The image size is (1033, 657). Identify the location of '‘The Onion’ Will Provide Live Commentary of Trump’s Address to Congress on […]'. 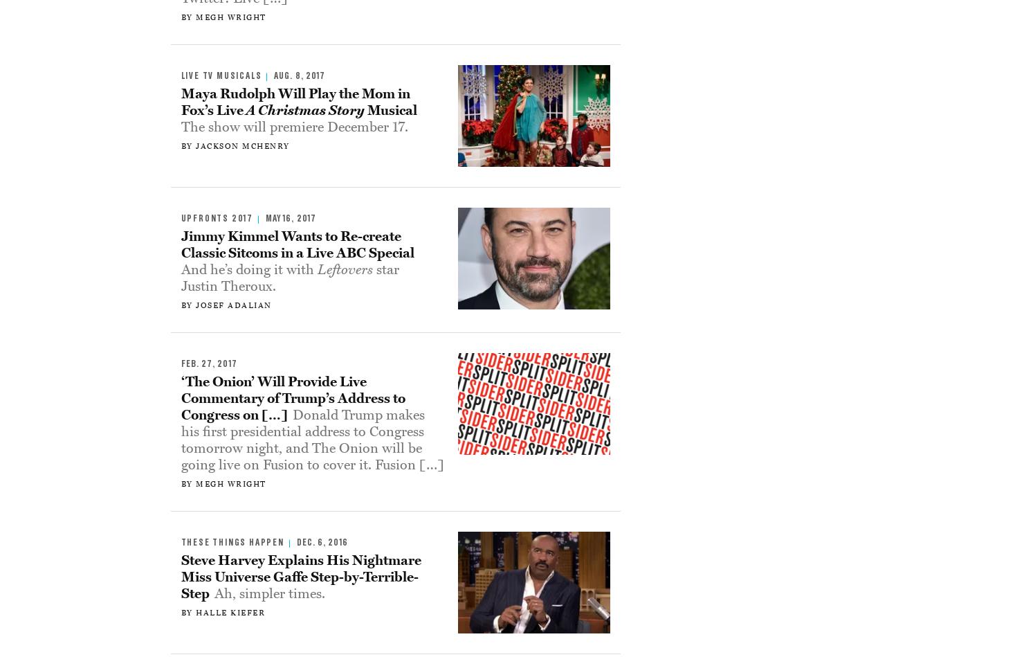
(292, 397).